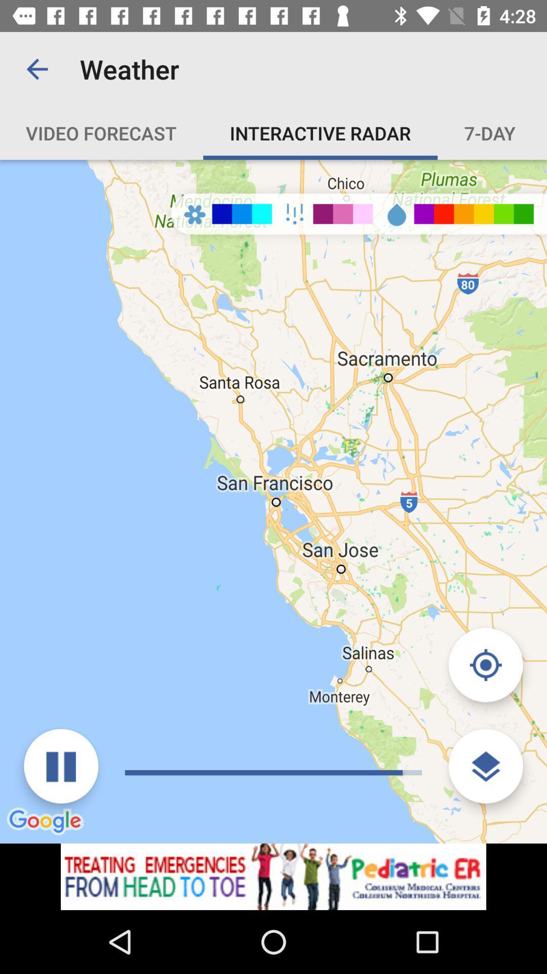 The image size is (547, 974). I want to click on the layers icon, so click(485, 766).